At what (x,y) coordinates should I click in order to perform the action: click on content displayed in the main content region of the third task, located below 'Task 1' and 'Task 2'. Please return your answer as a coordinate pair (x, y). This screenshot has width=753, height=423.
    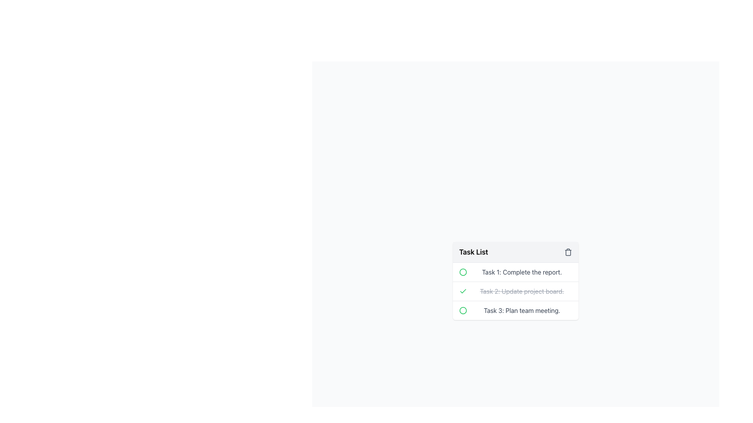
    Looking at the image, I should click on (522, 309).